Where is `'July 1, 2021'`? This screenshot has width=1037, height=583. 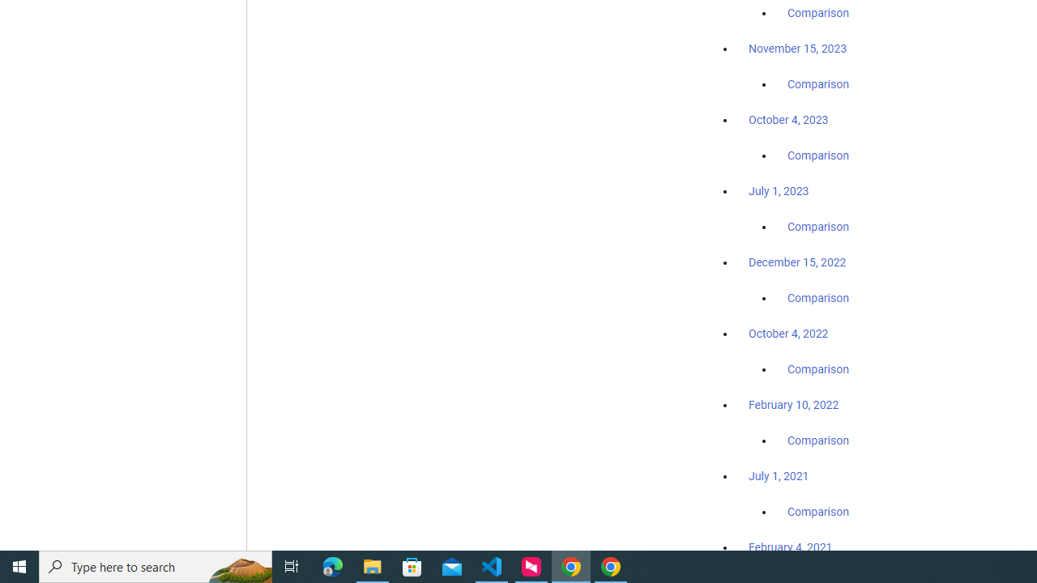
'July 1, 2021' is located at coordinates (779, 474).